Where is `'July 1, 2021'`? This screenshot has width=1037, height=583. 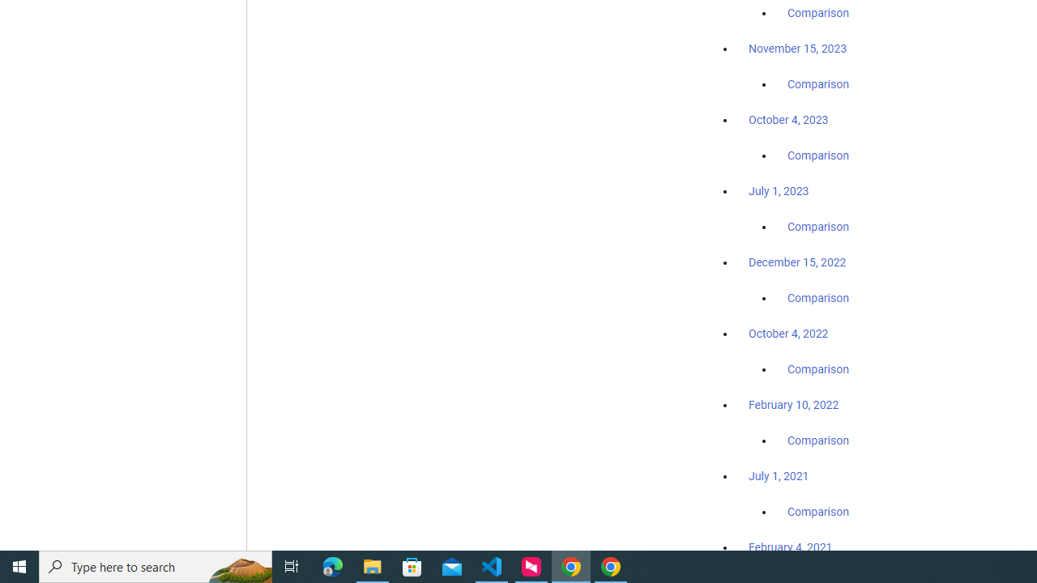
'July 1, 2021' is located at coordinates (779, 474).